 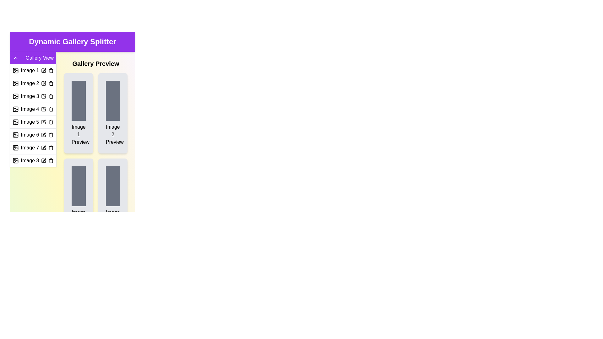 I want to click on the fourth image entry in the gallery list, so click(x=33, y=116).